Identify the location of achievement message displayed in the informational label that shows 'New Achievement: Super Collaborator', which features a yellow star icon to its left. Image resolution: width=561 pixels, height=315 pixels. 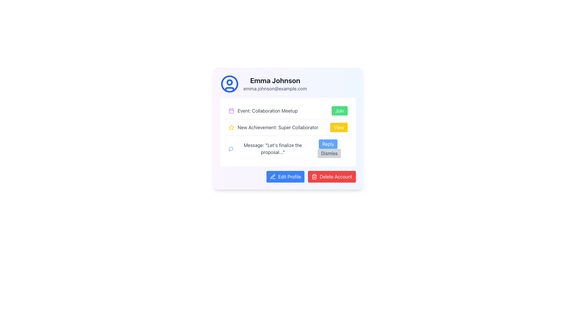
(273, 127).